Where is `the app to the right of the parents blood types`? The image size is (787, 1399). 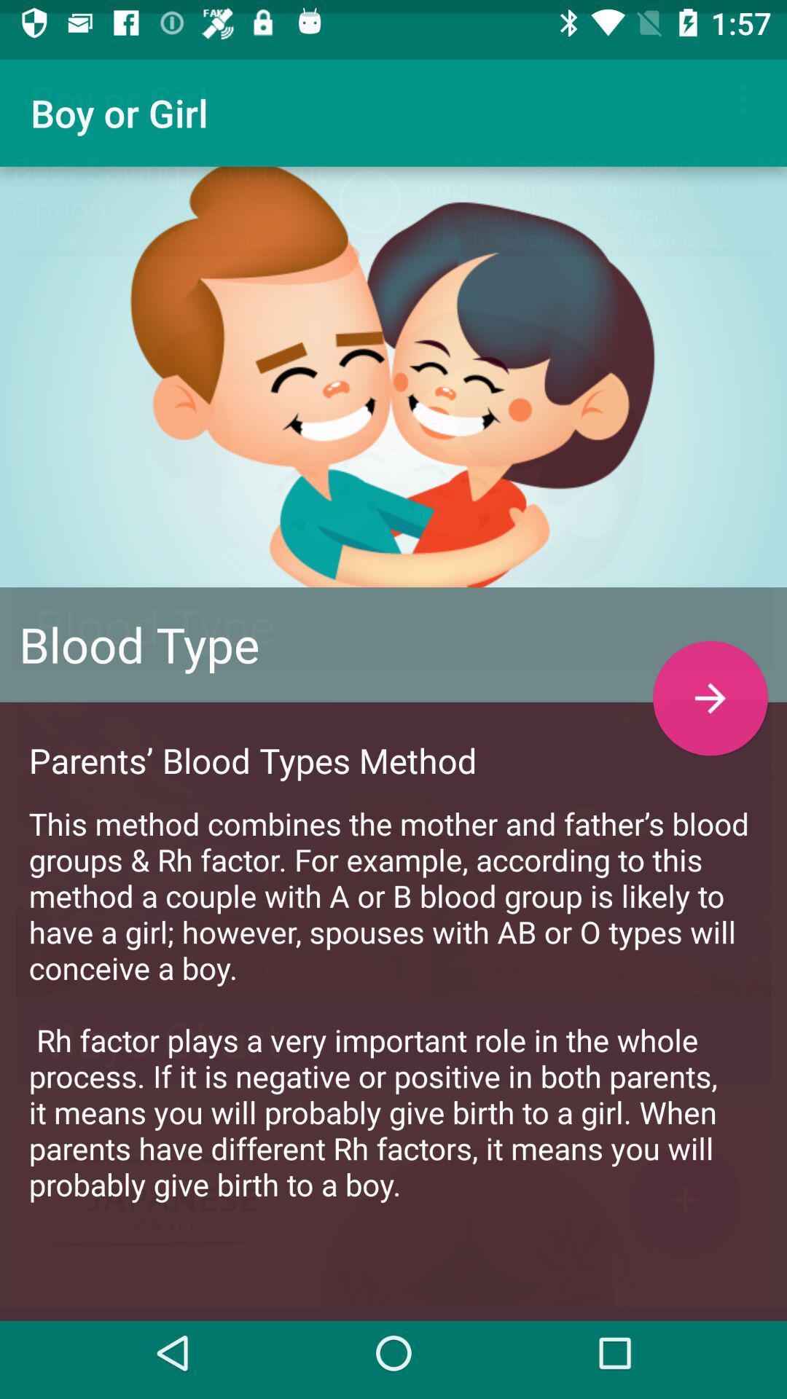 the app to the right of the parents blood types is located at coordinates (710, 683).